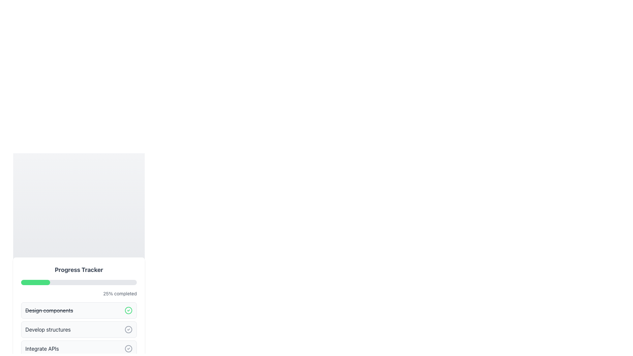 The height and width of the screenshot is (356, 633). I want to click on the circular icon with a gray check mark located to the right of the text 'Develop structures', so click(128, 329).